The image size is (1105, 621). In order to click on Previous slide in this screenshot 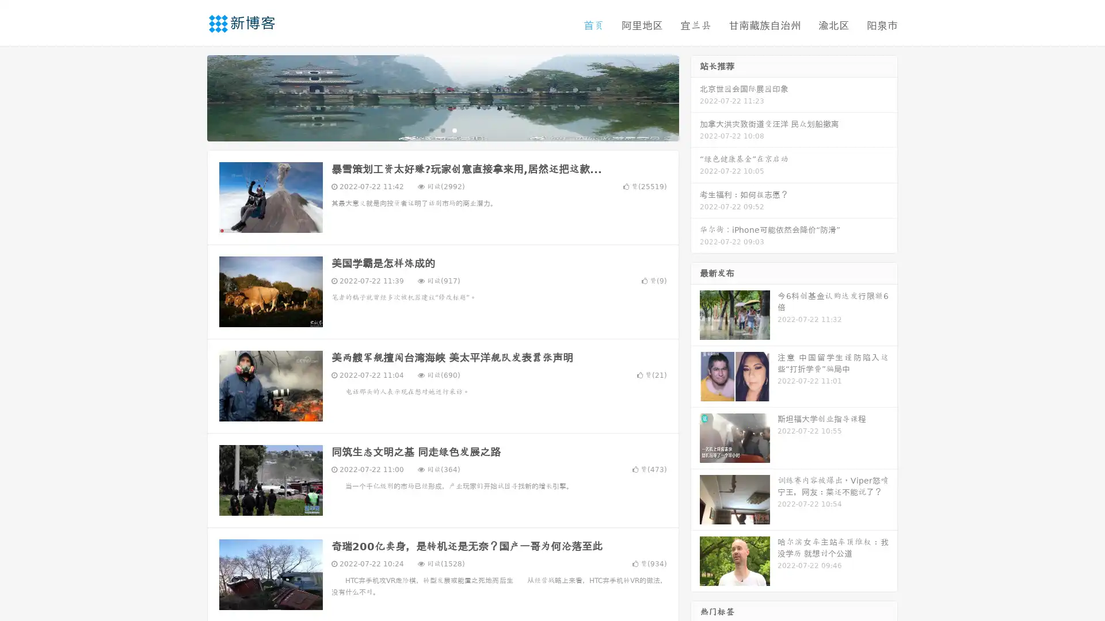, I will do `click(190, 97)`.